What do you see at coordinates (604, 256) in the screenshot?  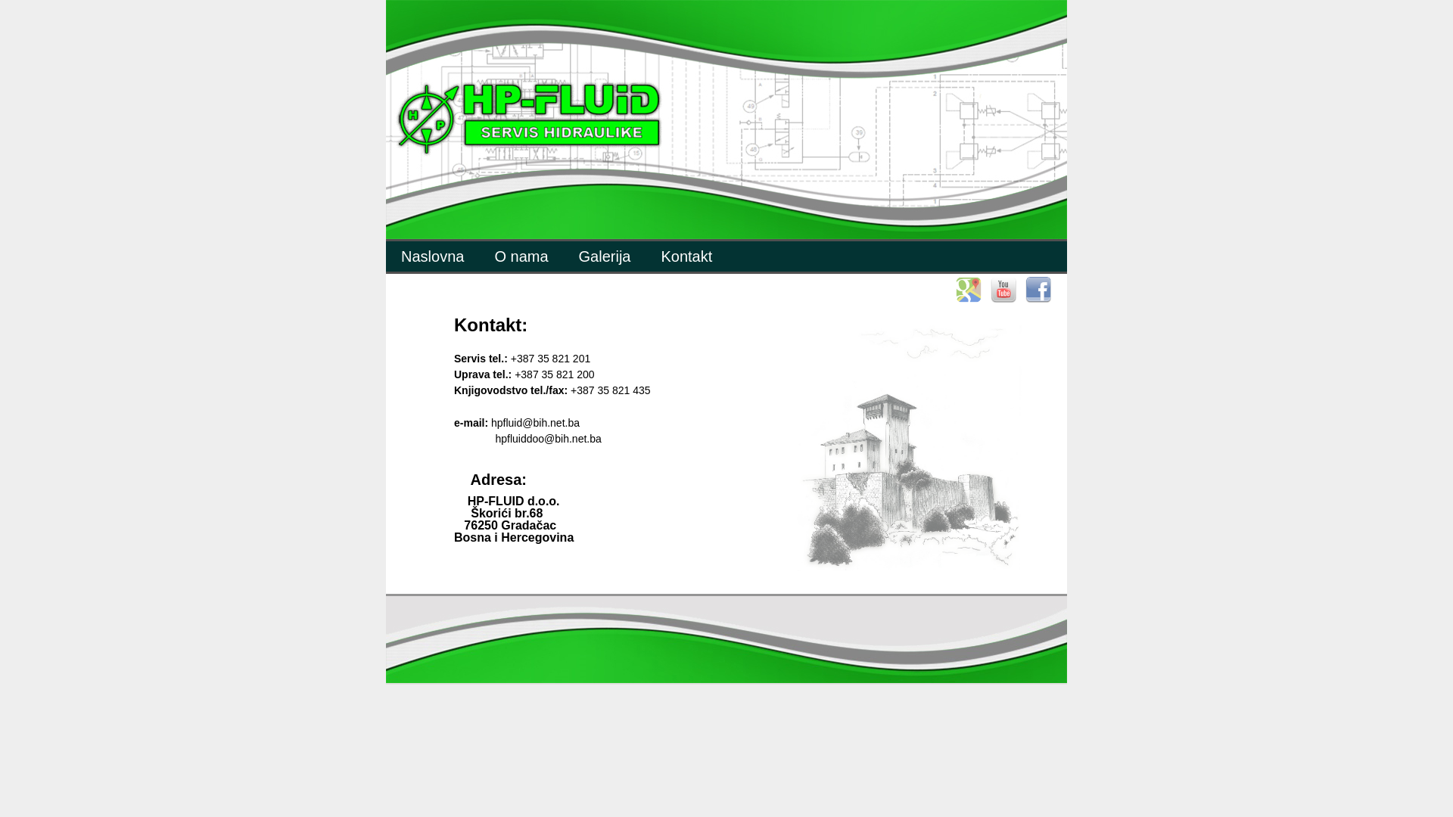 I see `'Galerija'` at bounding box center [604, 256].